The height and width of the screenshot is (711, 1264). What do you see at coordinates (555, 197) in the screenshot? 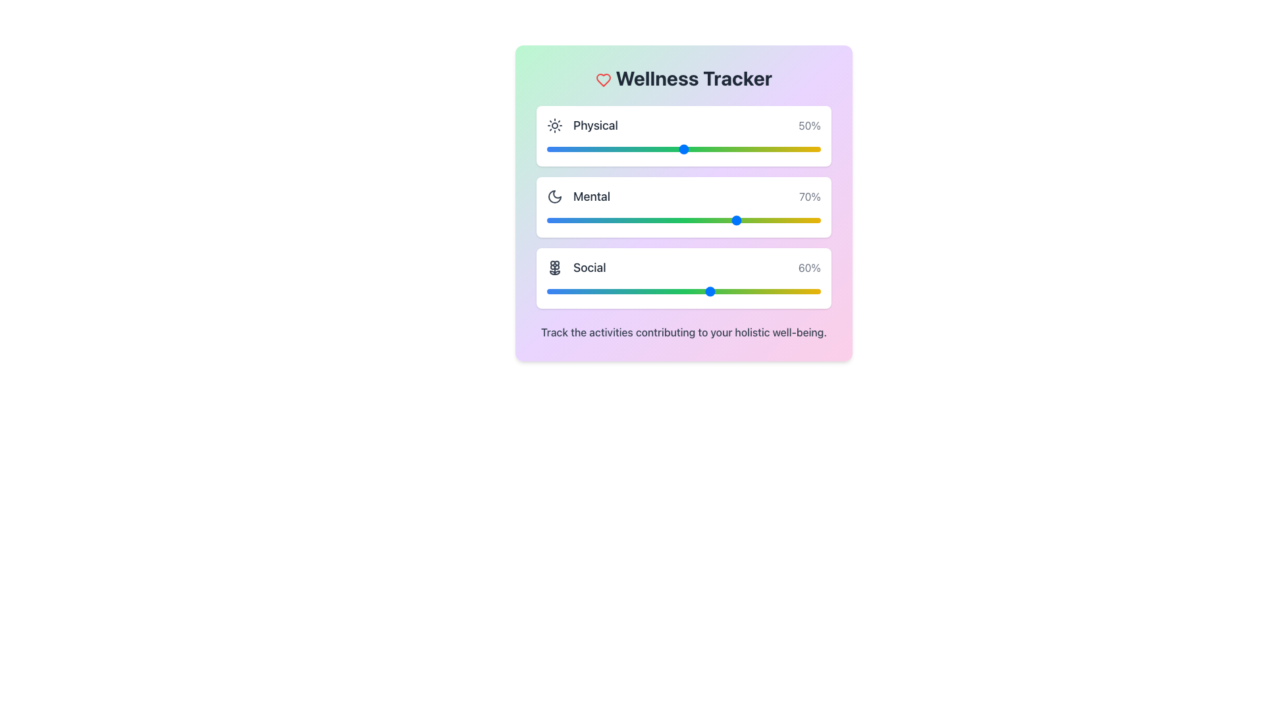
I see `the crescent moon-shaped icon located in the 'Mental' section, adjacent to the 'Mental' label and to the left of the progress bar` at bounding box center [555, 197].